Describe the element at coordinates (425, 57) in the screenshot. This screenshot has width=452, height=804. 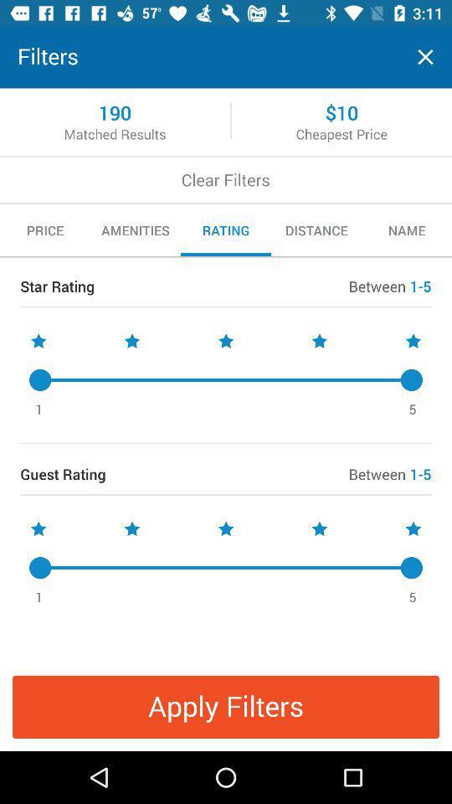
I see `icon next to the filters icon` at that location.